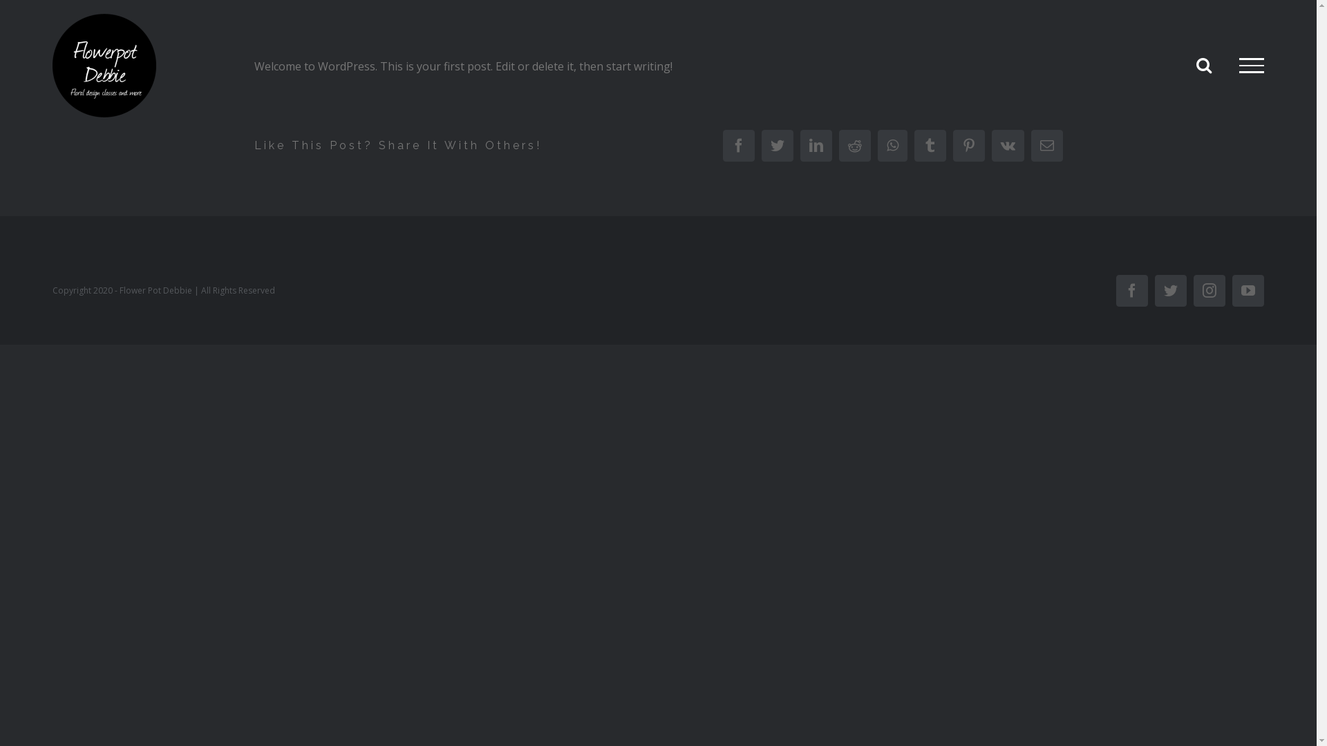 Image resolution: width=1327 pixels, height=746 pixels. Describe the element at coordinates (738, 146) in the screenshot. I see `'facebook'` at that location.